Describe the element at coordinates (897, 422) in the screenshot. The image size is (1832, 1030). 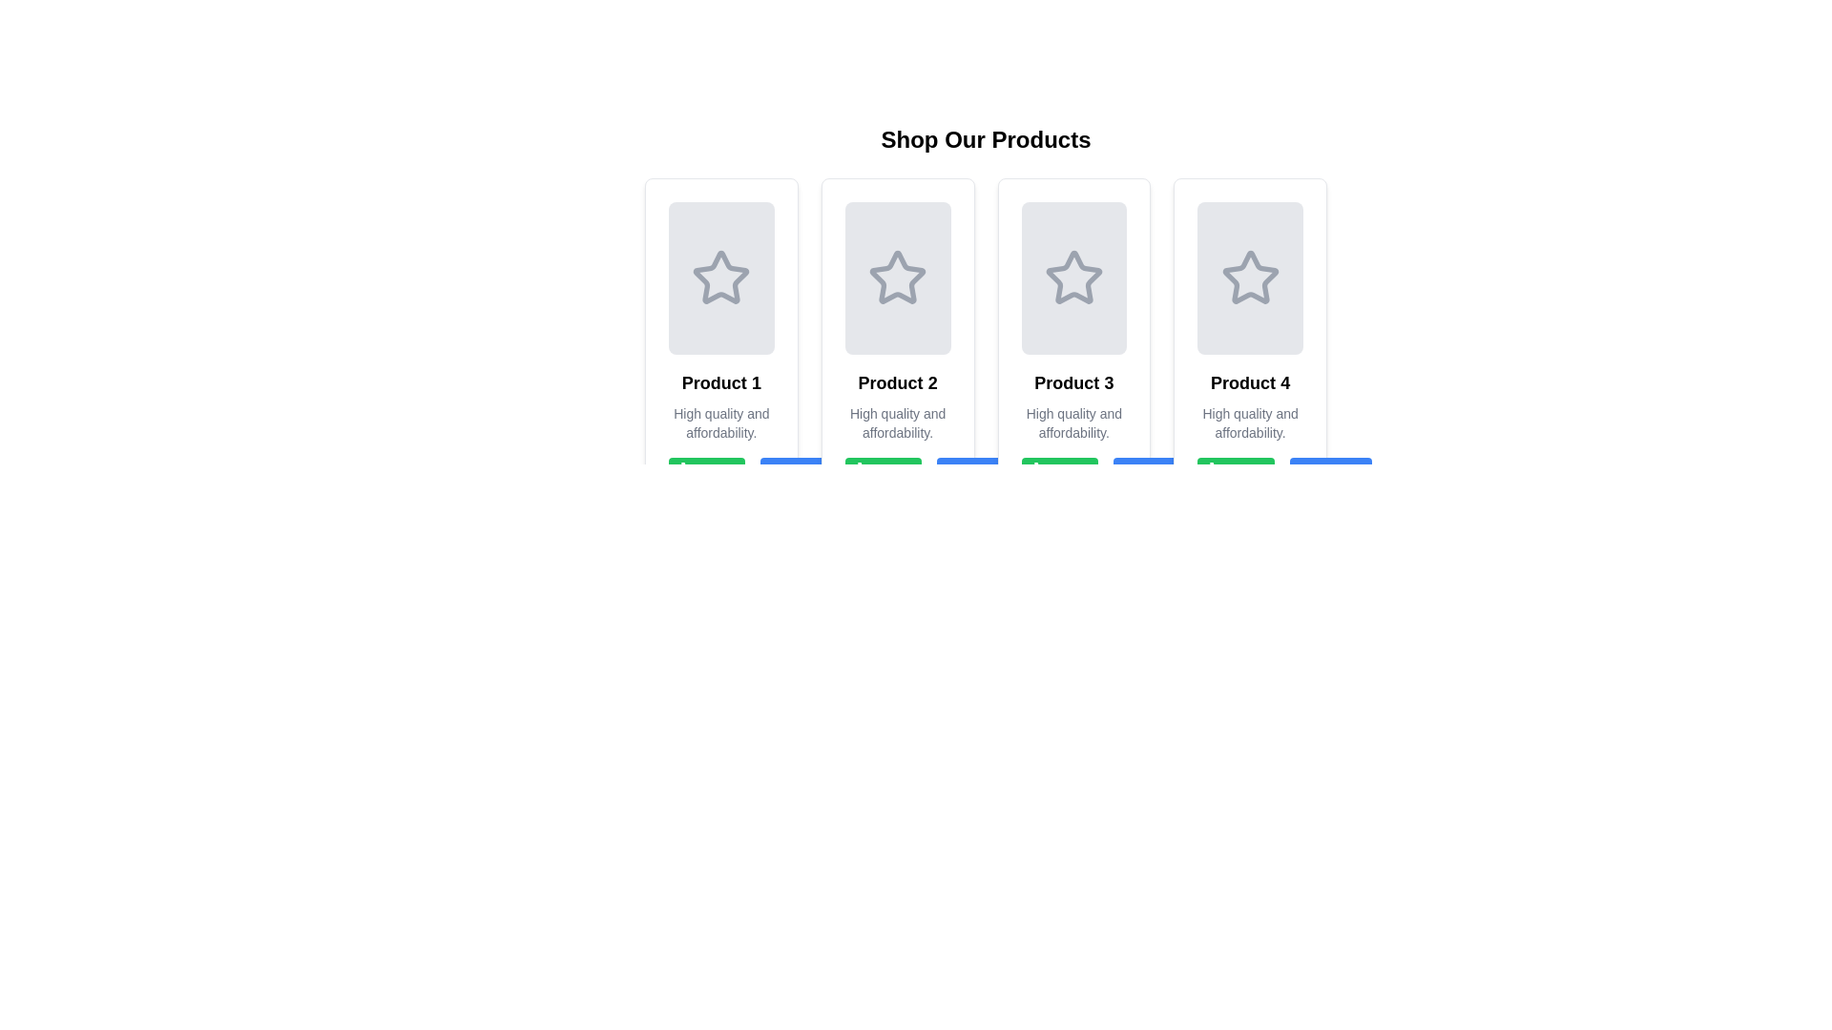
I see `the descriptive subtitle text label located in the card labeled 'Product 2', positioned below the title and above the action buttons` at that location.